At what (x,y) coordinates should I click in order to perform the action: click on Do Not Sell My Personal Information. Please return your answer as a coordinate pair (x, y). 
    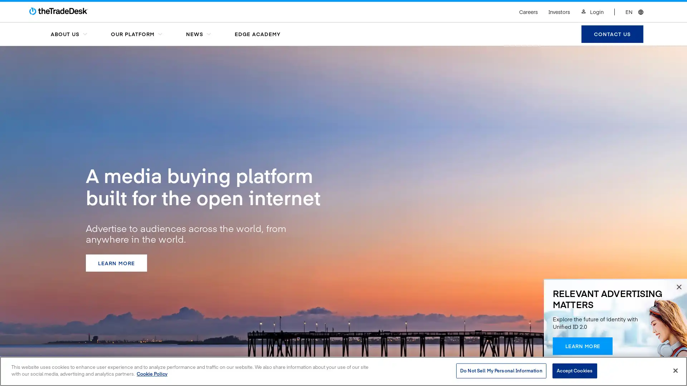
    Looking at the image, I should click on (501, 370).